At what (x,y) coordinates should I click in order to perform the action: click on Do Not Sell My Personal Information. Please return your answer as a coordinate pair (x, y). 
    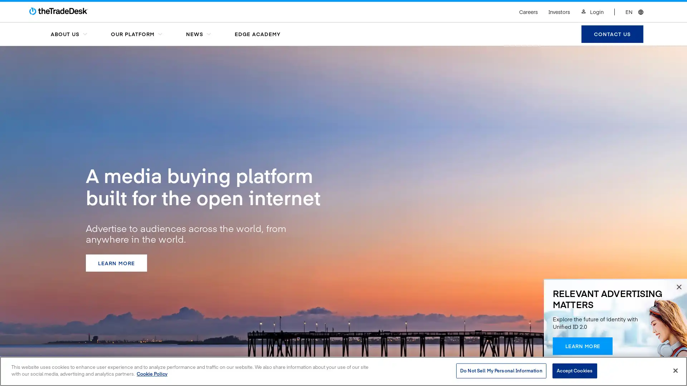
    Looking at the image, I should click on (501, 370).